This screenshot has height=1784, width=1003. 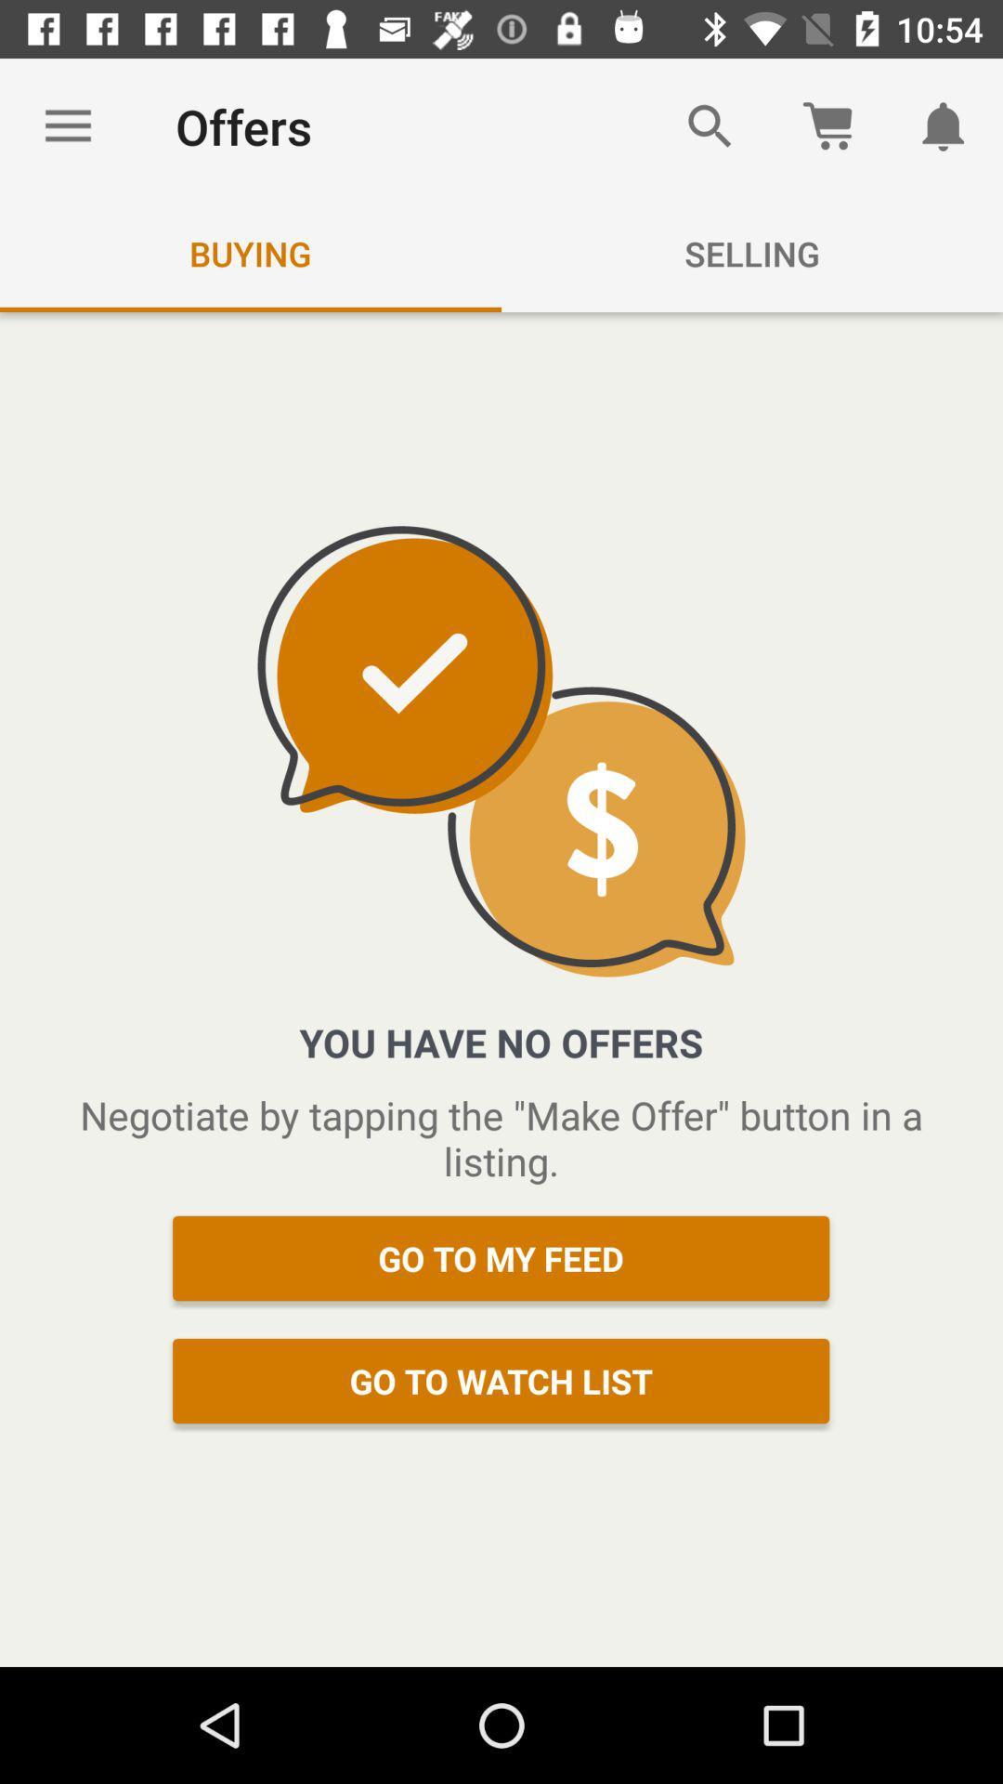 I want to click on item next to the offers, so click(x=67, y=125).